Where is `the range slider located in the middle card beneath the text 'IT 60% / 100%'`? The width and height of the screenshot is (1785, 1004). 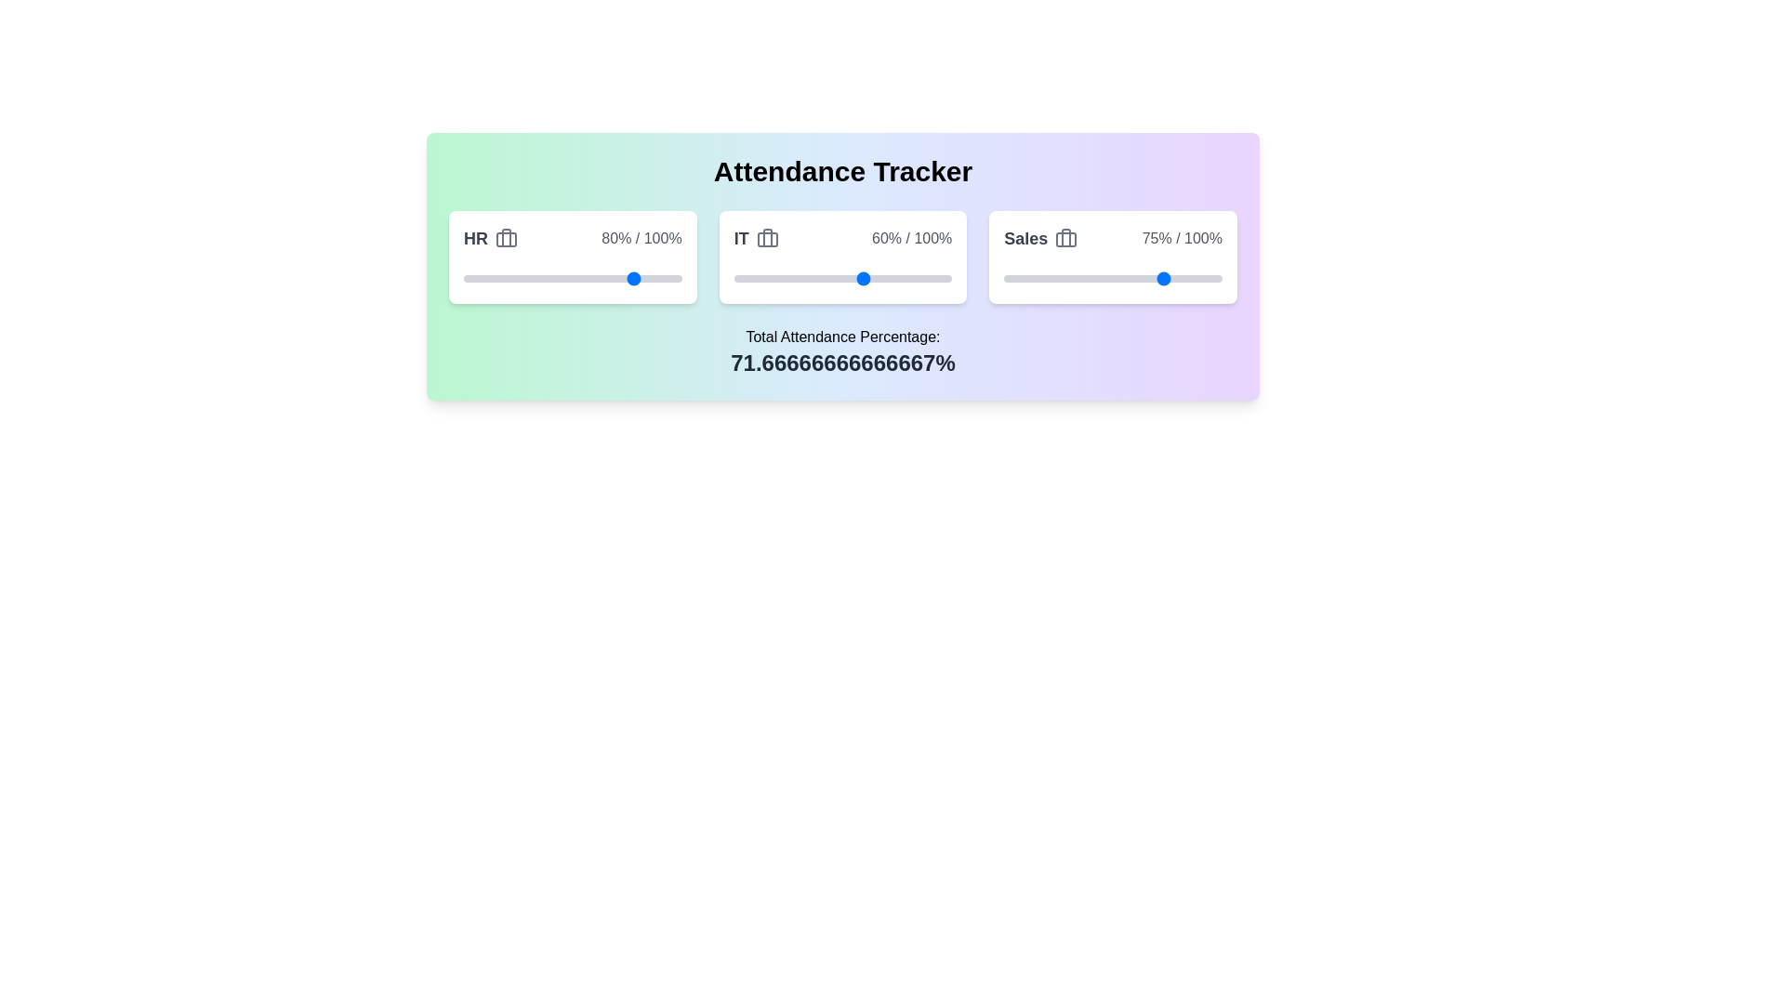
the range slider located in the middle card beneath the text 'IT 60% / 100%' is located at coordinates (842, 279).